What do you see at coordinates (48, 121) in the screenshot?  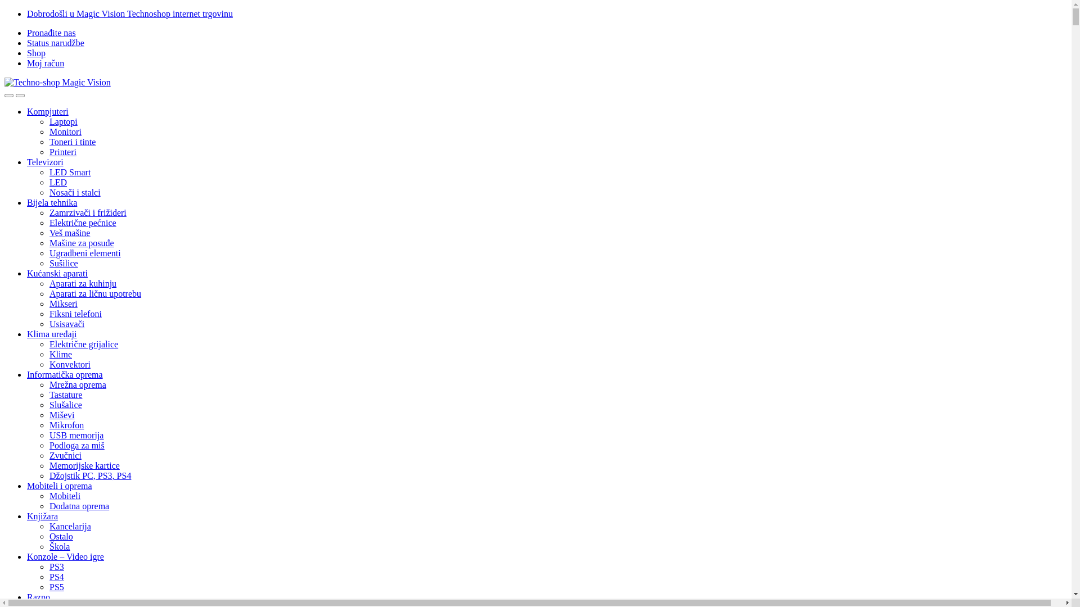 I see `'Laptopi'` at bounding box center [48, 121].